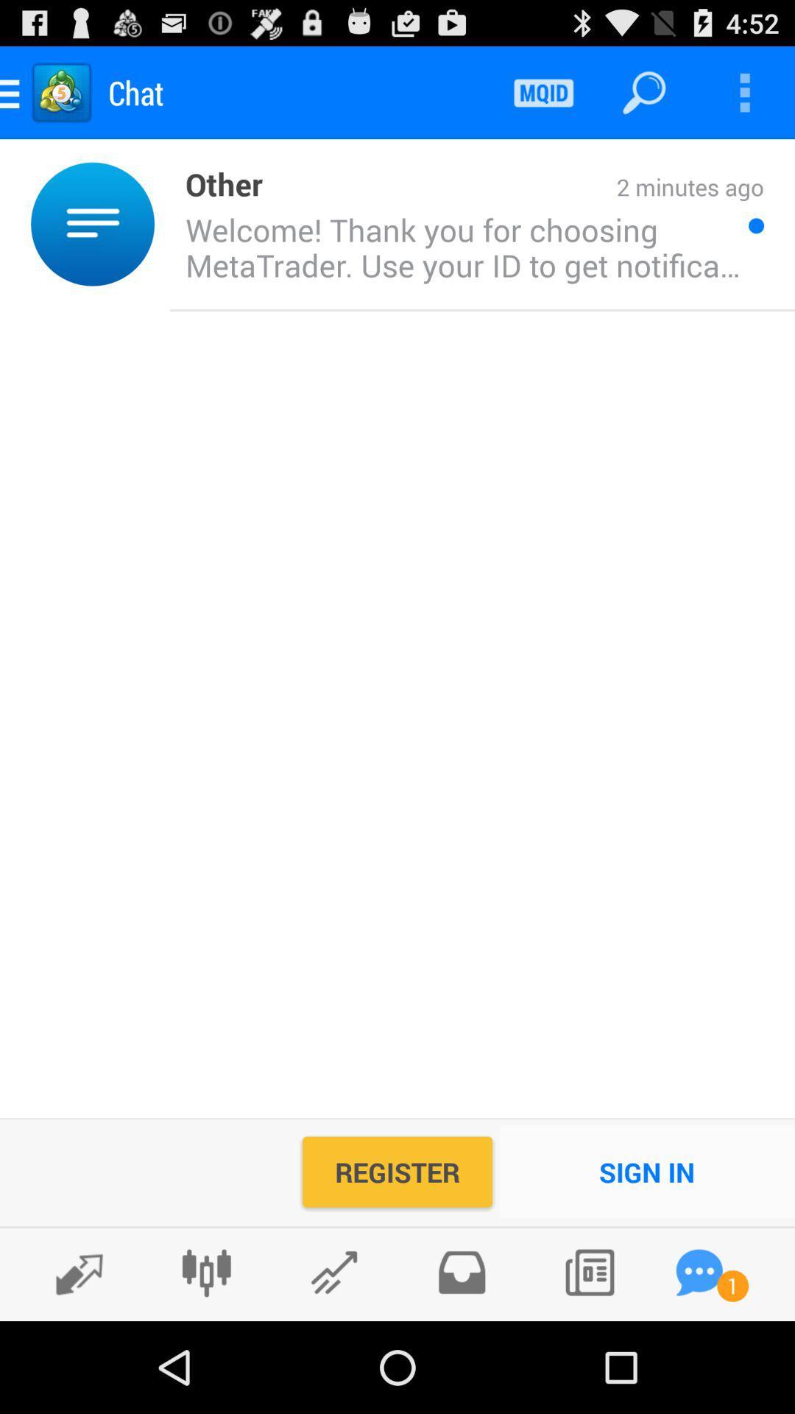 The width and height of the screenshot is (795, 1414). What do you see at coordinates (699, 1272) in the screenshot?
I see `open instant chat` at bounding box center [699, 1272].